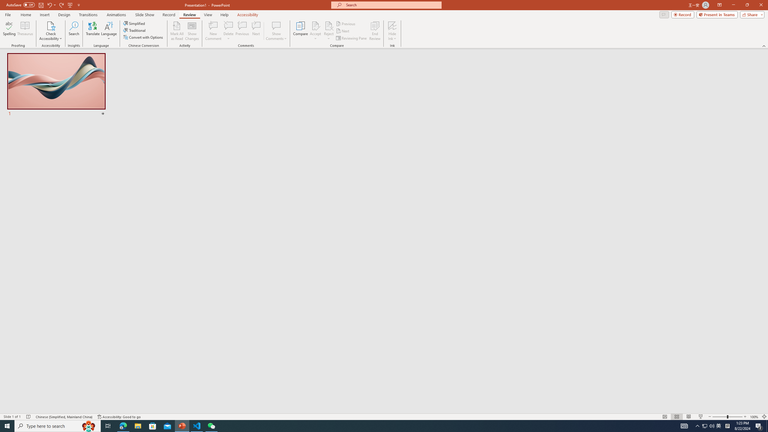 Image resolution: width=768 pixels, height=432 pixels. What do you see at coordinates (374, 31) in the screenshot?
I see `'End Review'` at bounding box center [374, 31].